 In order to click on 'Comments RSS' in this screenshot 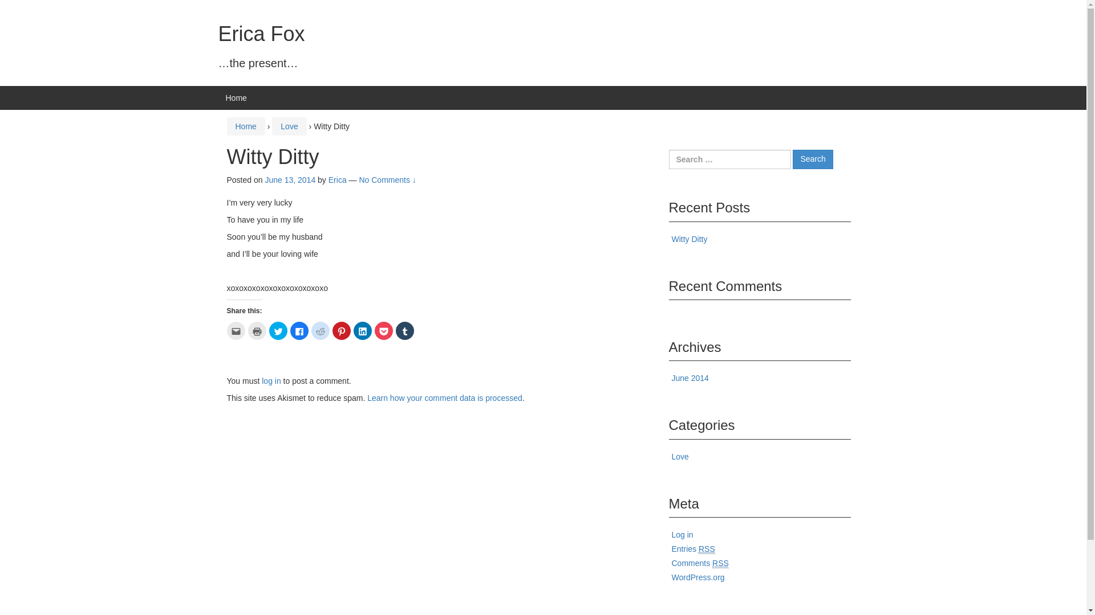, I will do `click(700, 563)`.